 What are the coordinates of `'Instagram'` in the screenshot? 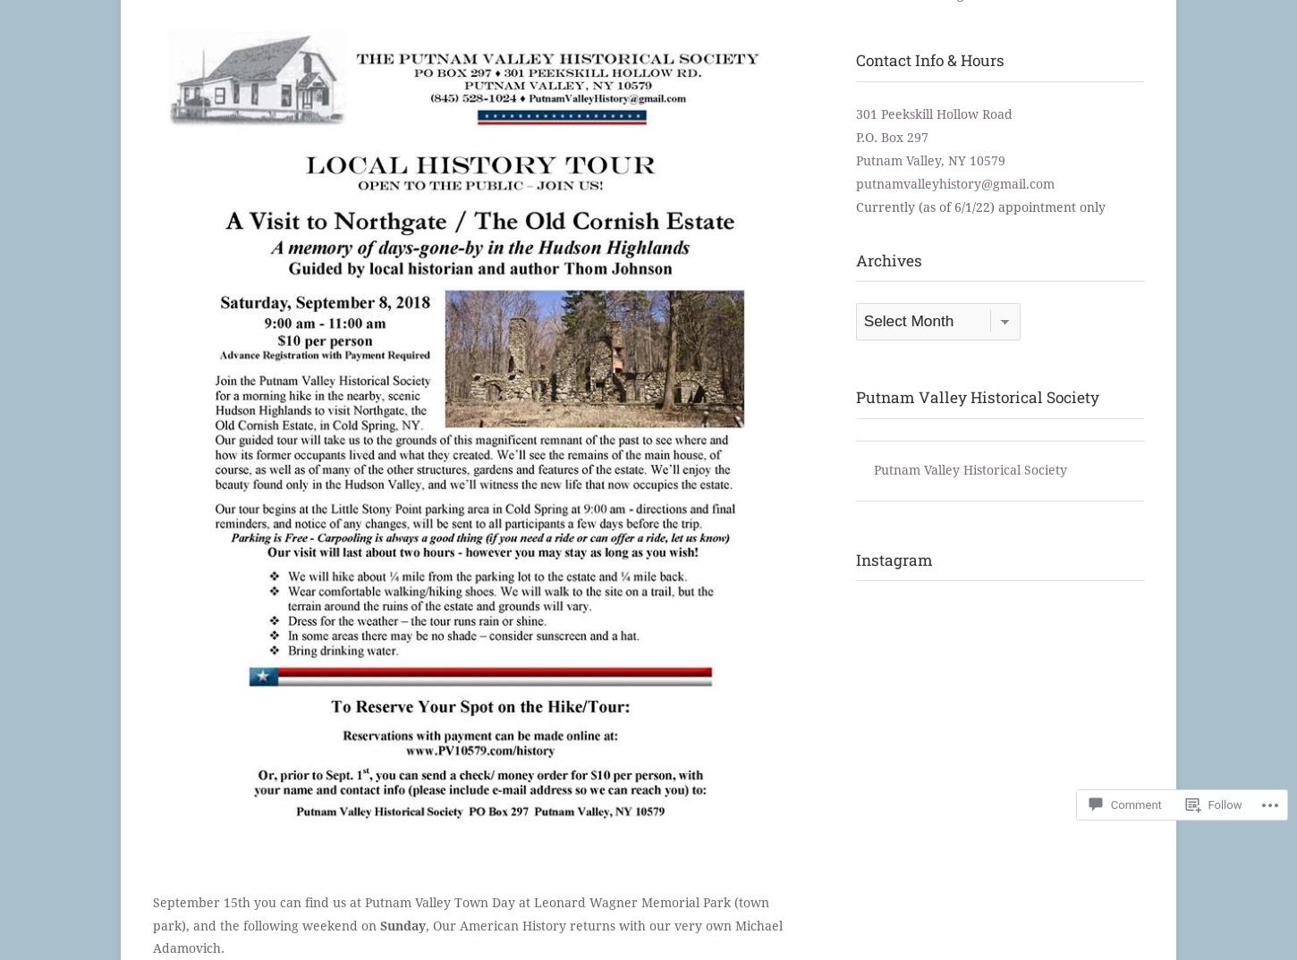 It's located at (894, 559).